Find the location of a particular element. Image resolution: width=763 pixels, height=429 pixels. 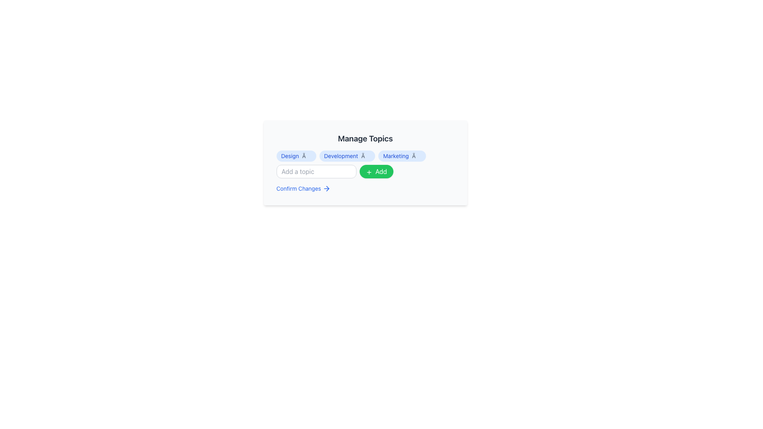

the 'Confirm Changes' button, which is styled in blue and underlined, located at the bottom right of the 'Manage Topics' panel is located at coordinates (303, 188).